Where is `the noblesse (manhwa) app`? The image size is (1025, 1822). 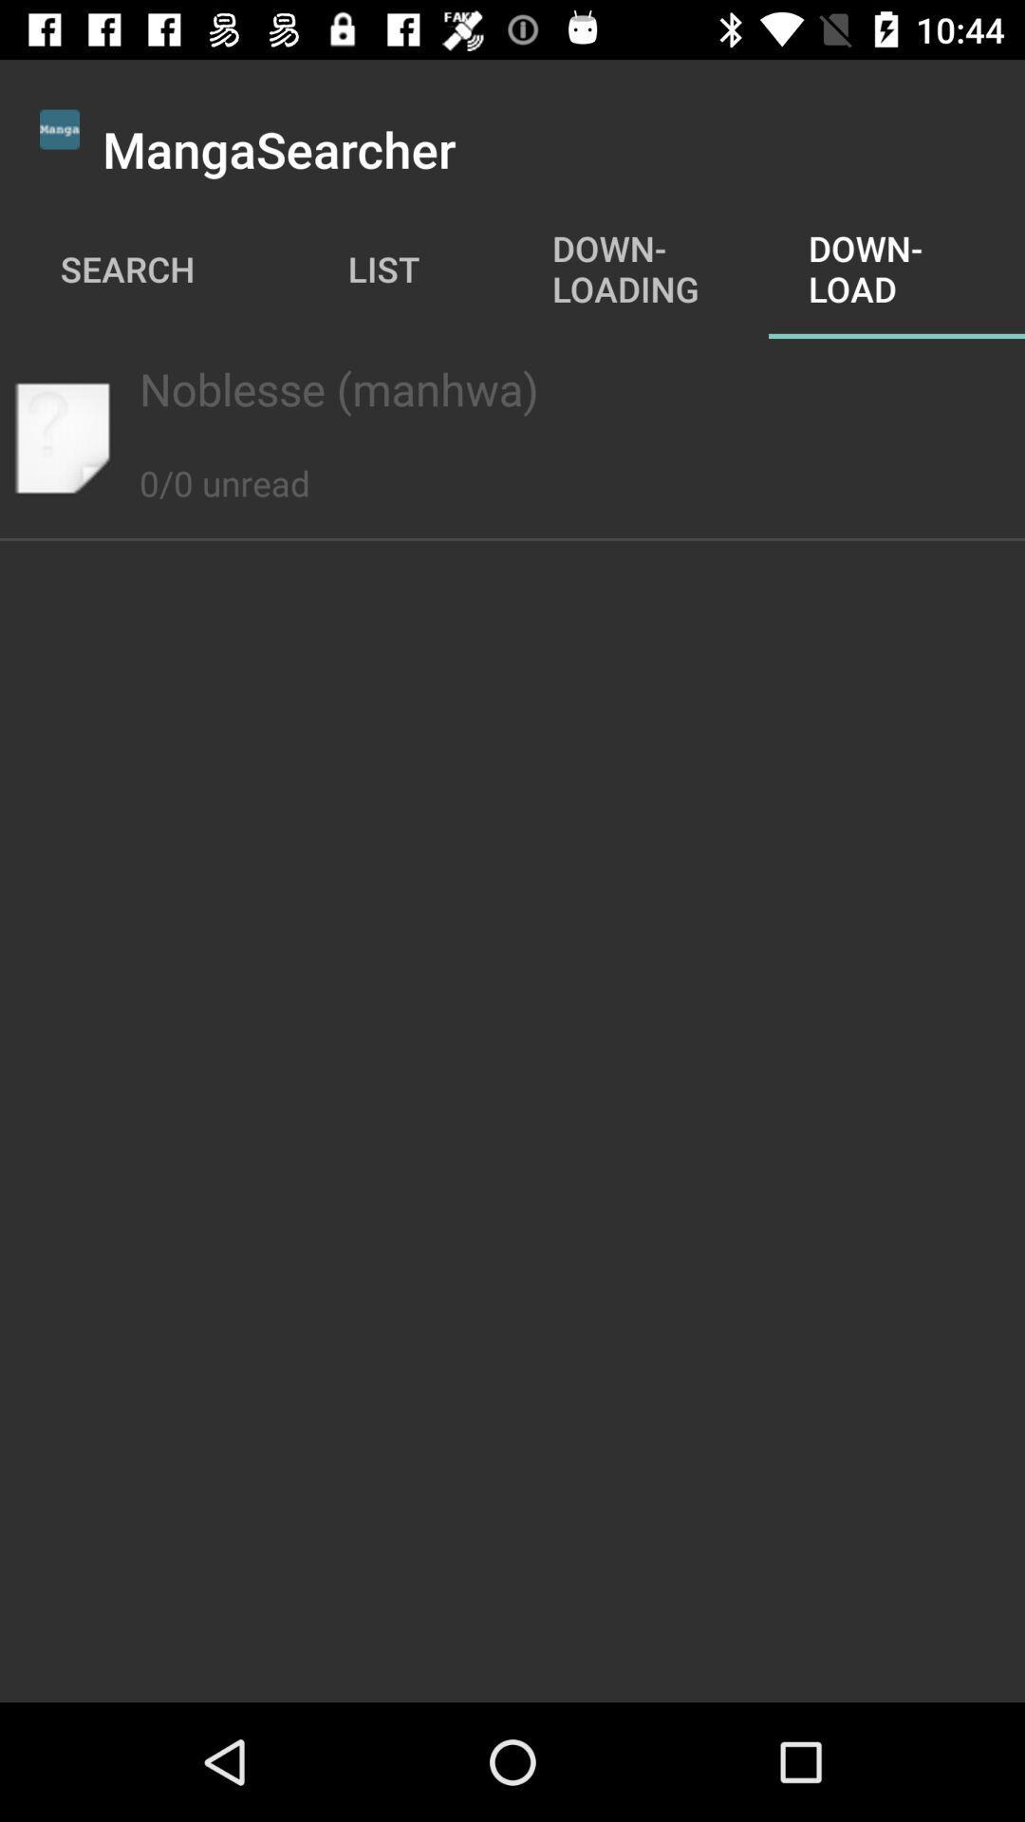 the noblesse (manhwa) app is located at coordinates (512, 387).